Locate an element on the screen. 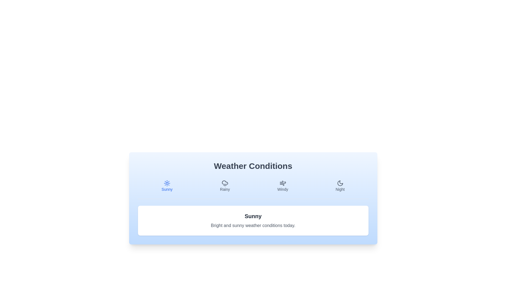 This screenshot has width=532, height=299. the icon and label for Sunny is located at coordinates (166, 186).